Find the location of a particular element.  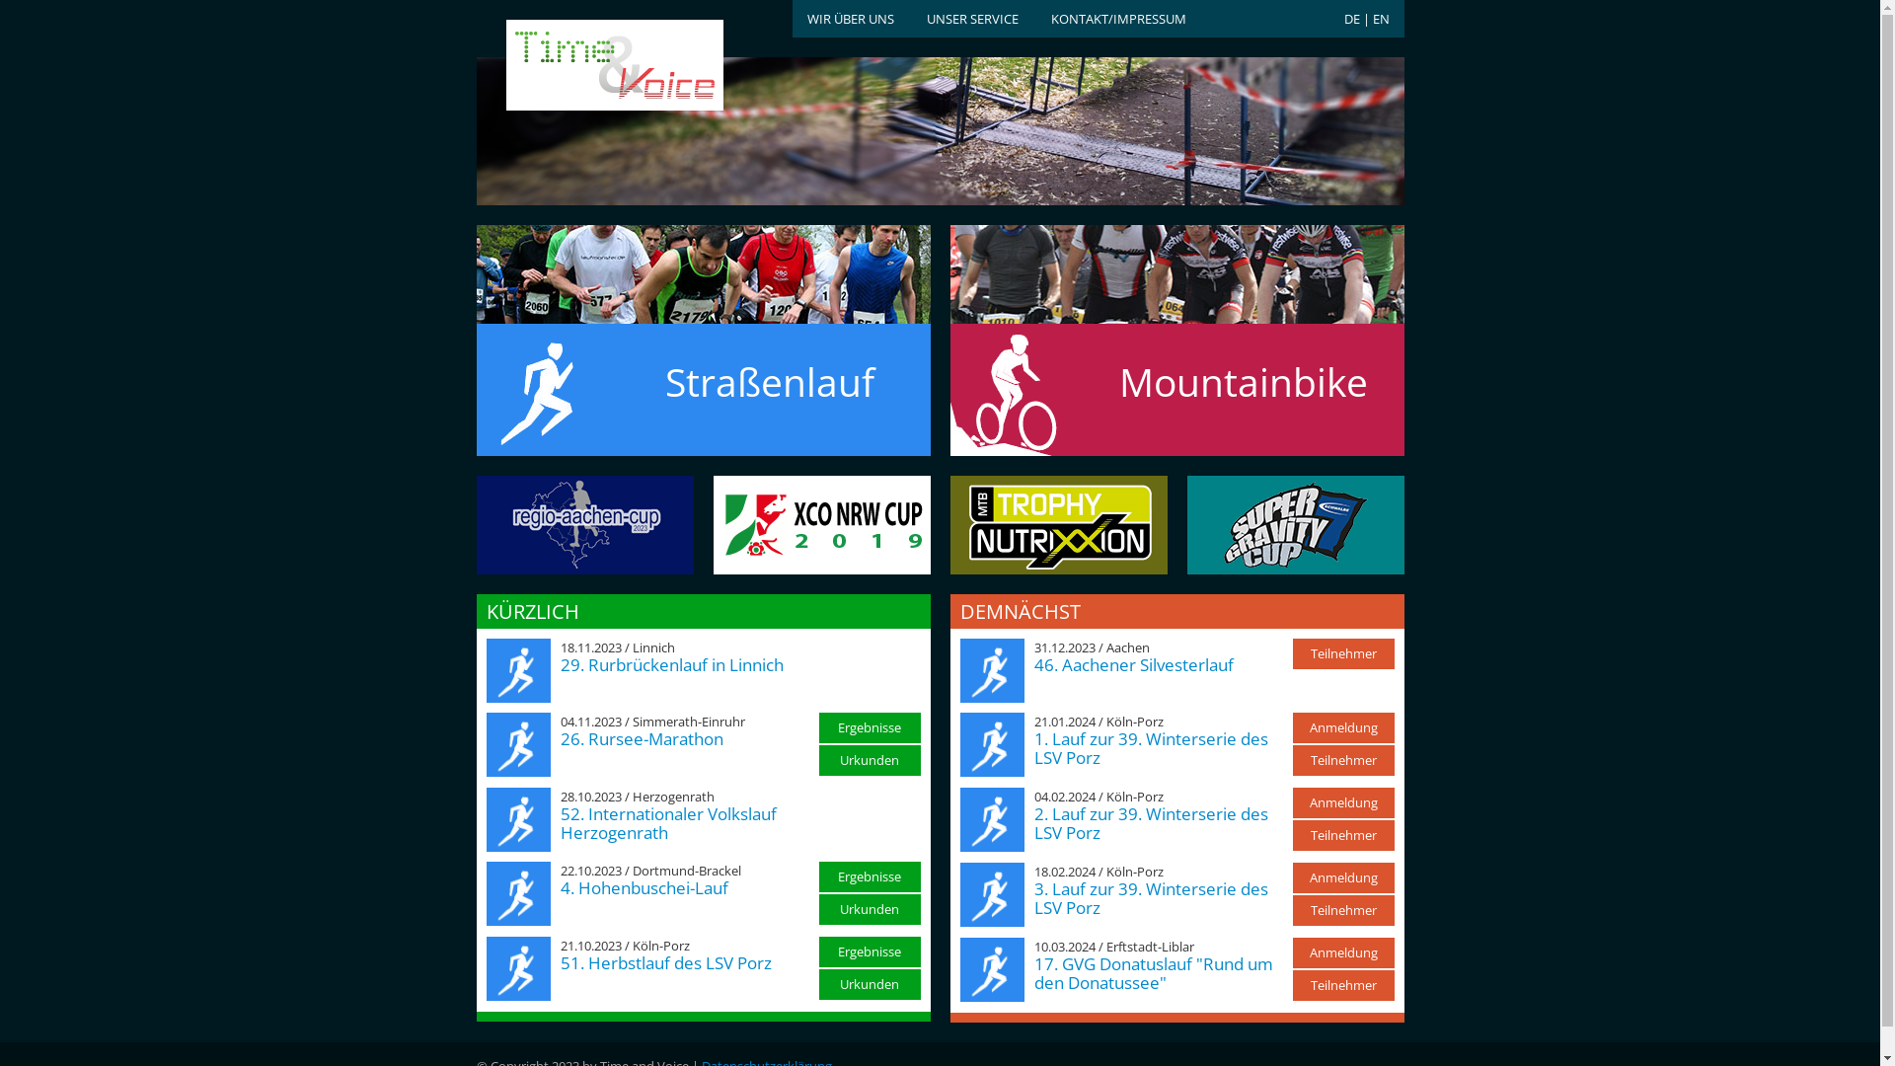

'UNSER SERVICE' is located at coordinates (971, 19).